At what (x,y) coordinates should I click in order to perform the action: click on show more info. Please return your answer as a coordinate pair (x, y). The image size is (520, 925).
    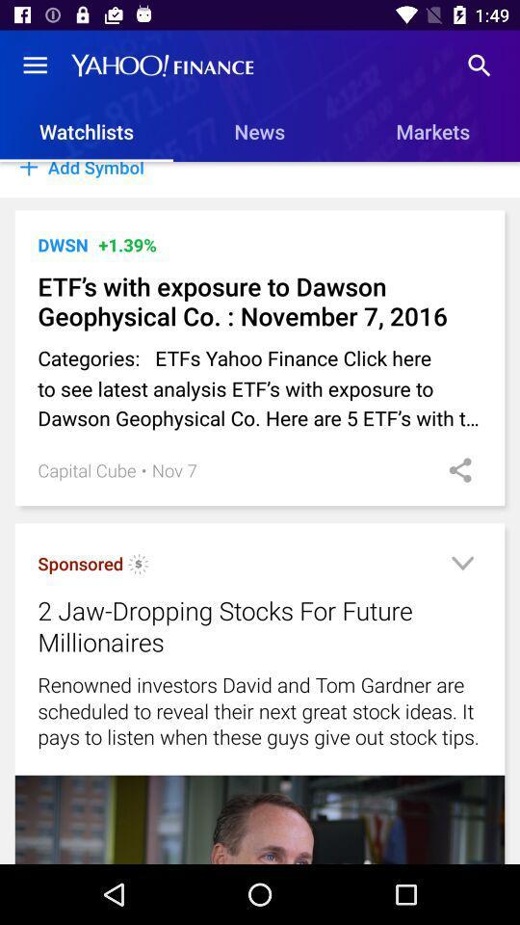
    Looking at the image, I should click on (461, 567).